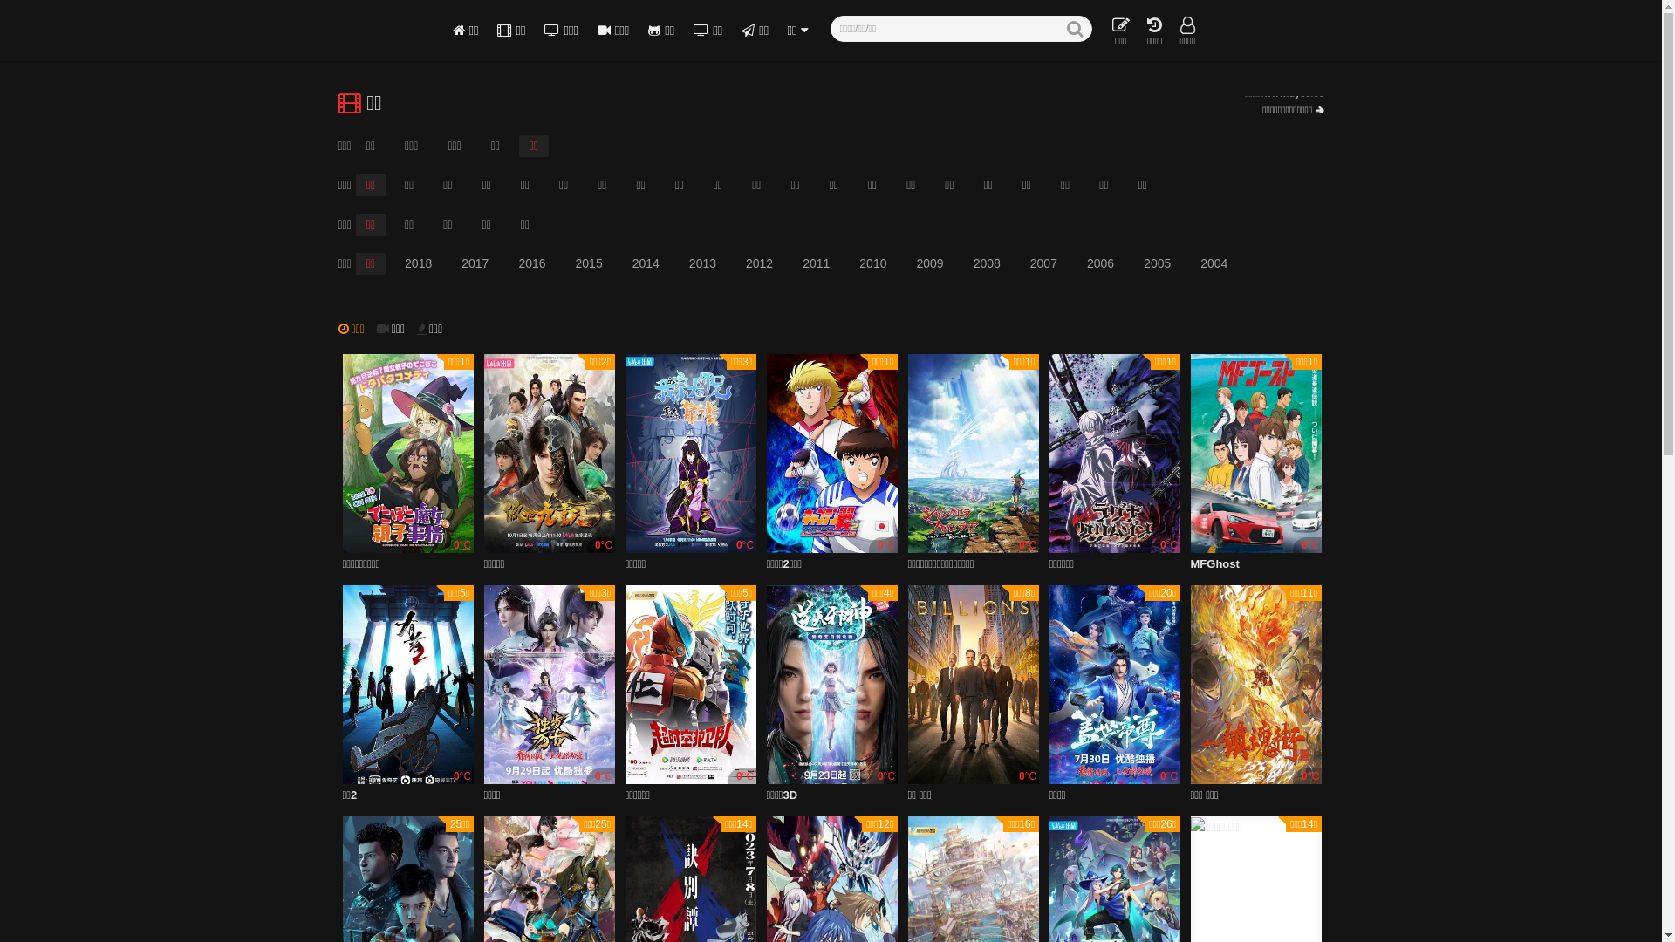 This screenshot has height=942, width=1675. I want to click on '2016', so click(530, 263).